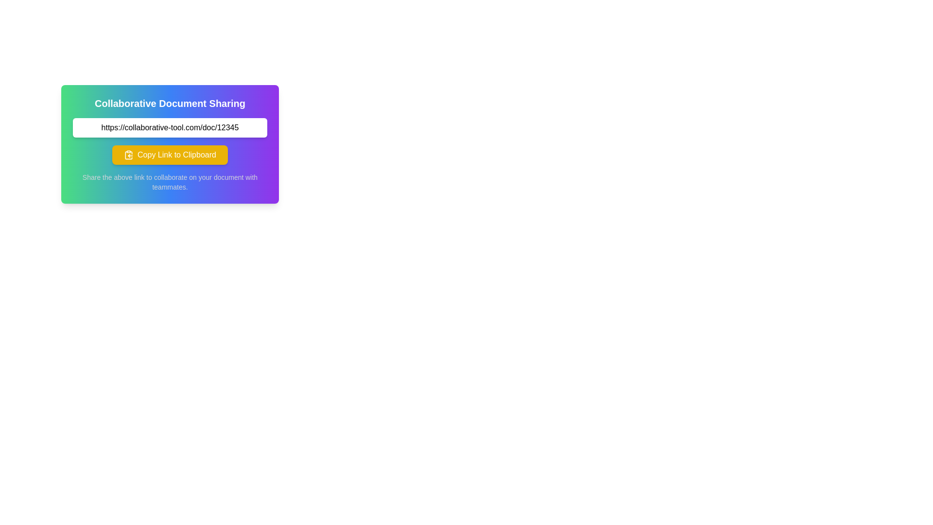 The image size is (933, 525). I want to click on the stylized static text component that acts as a visual representation of a document link, which is positioned above the 'Copy Link to Clipboard' button, for copying, so click(170, 127).